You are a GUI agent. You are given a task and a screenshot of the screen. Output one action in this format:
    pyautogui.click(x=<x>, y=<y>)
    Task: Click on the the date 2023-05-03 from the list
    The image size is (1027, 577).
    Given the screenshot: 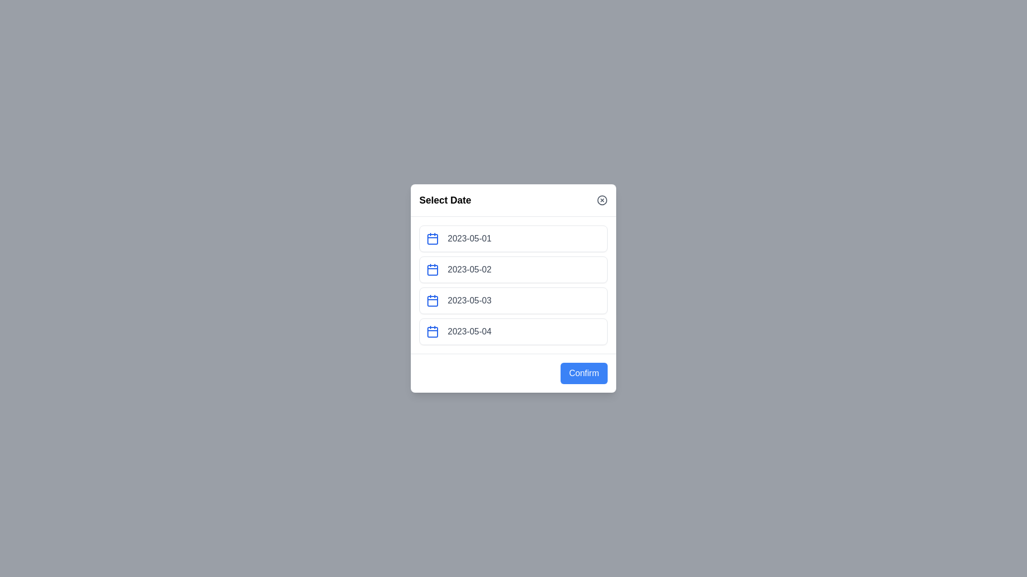 What is the action you would take?
    pyautogui.click(x=513, y=301)
    